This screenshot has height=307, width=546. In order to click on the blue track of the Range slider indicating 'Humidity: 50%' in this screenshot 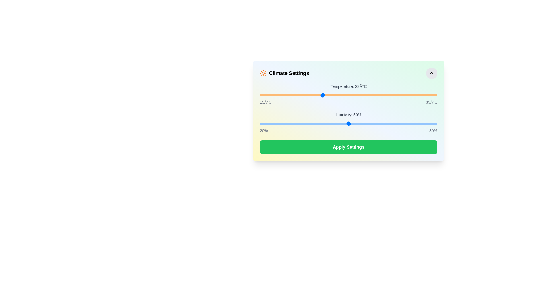, I will do `click(348, 123)`.